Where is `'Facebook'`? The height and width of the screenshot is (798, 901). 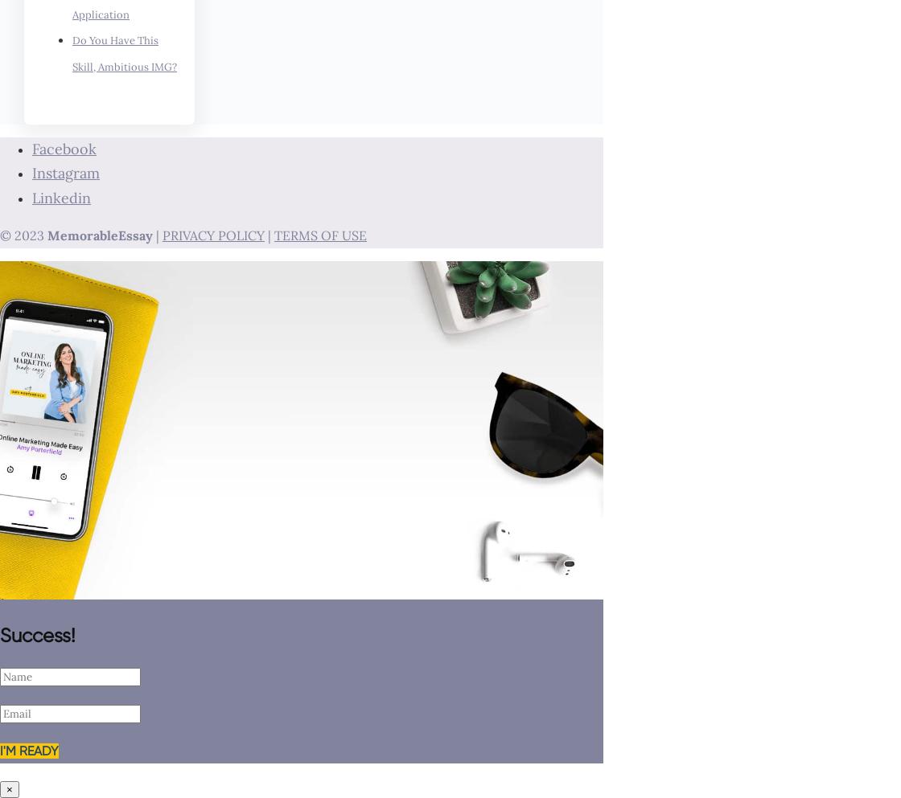 'Facebook' is located at coordinates (31, 148).